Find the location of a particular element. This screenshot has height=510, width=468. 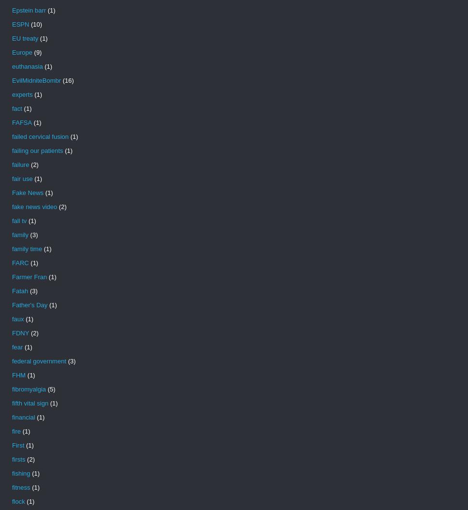

'firsts' is located at coordinates (12, 459).